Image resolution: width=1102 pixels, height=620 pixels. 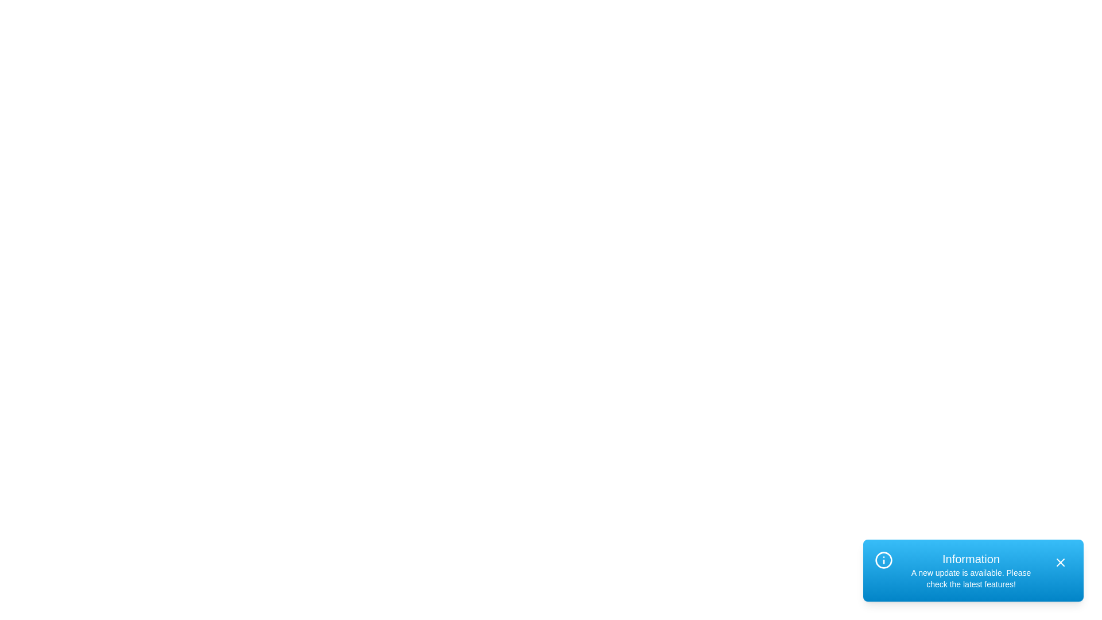 What do you see at coordinates (883, 559) in the screenshot?
I see `the information icon in the alert` at bounding box center [883, 559].